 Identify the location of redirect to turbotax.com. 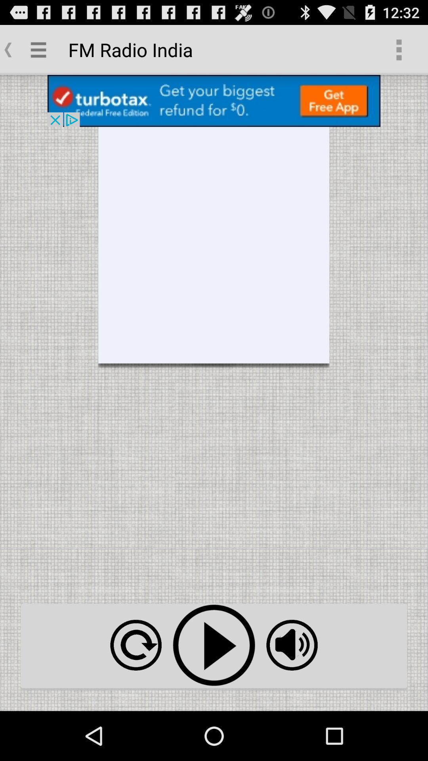
(214, 100).